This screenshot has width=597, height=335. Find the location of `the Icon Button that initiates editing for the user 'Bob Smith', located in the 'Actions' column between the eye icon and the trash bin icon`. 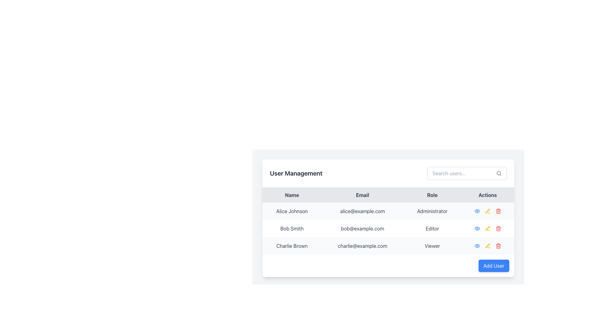

the Icon Button that initiates editing for the user 'Bob Smith', located in the 'Actions' column between the eye icon and the trash bin icon is located at coordinates (487, 228).